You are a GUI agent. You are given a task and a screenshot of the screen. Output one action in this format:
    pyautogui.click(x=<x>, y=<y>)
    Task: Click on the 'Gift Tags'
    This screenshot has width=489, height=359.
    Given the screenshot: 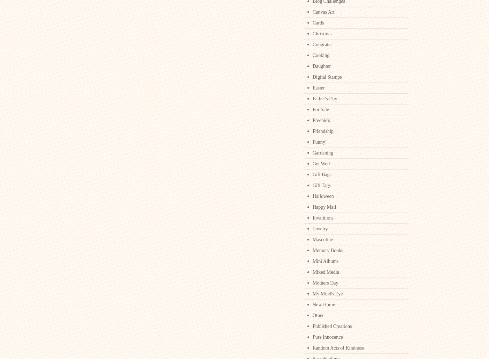 What is the action you would take?
    pyautogui.click(x=321, y=185)
    